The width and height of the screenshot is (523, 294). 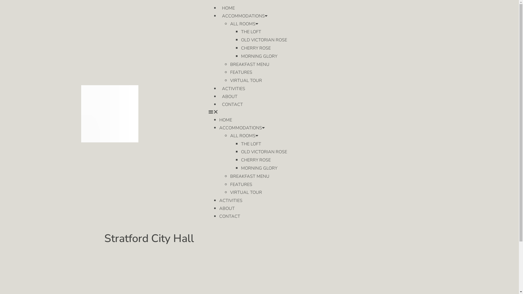 I want to click on 'ACCOMMODATIONS', so click(x=242, y=128).